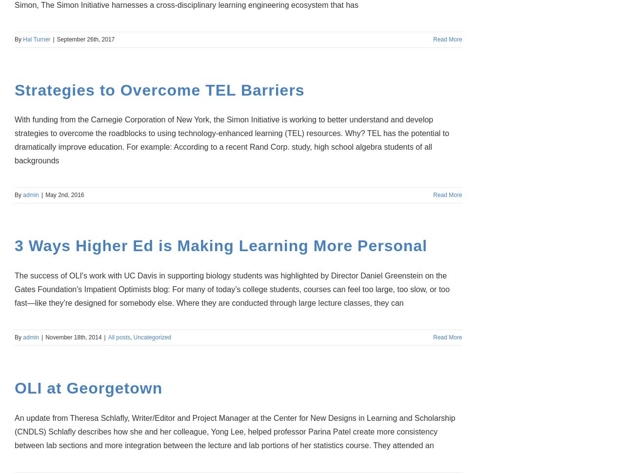  I want to click on 'May 2nd, 2016', so click(64, 195).